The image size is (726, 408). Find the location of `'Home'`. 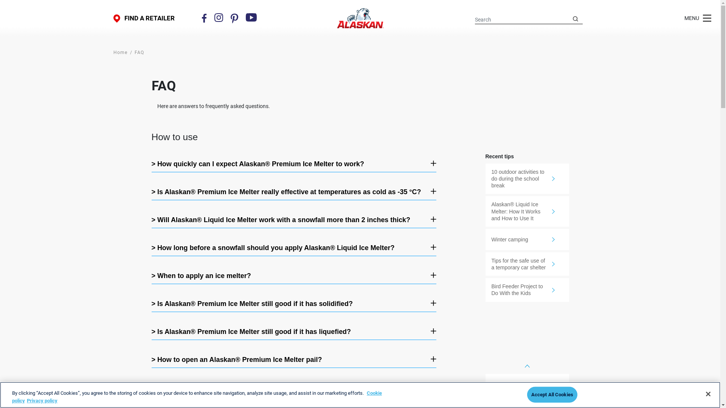

'Home' is located at coordinates (120, 52).